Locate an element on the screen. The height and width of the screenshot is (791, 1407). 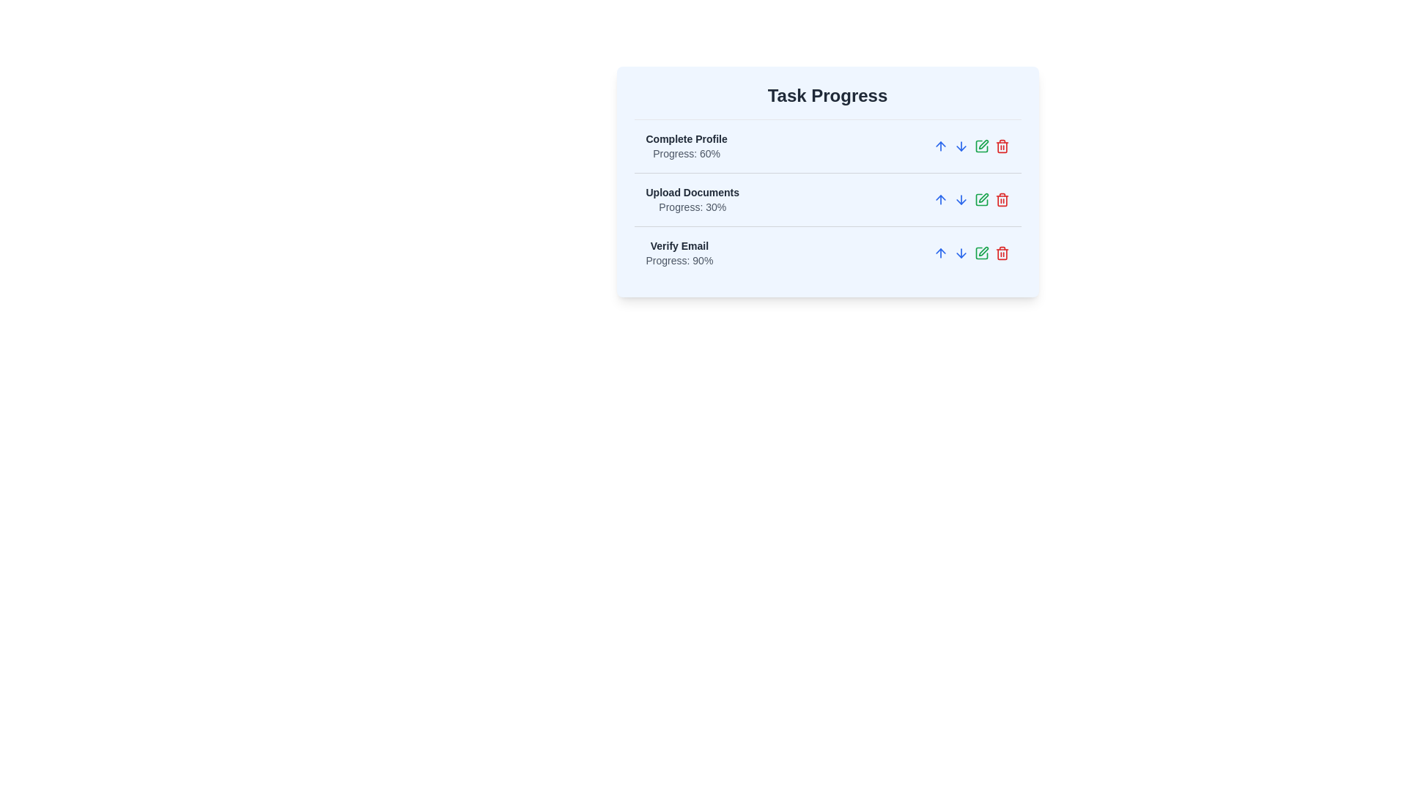
the second blue action icon in the row for 'Upload Documents' is located at coordinates (961, 200).